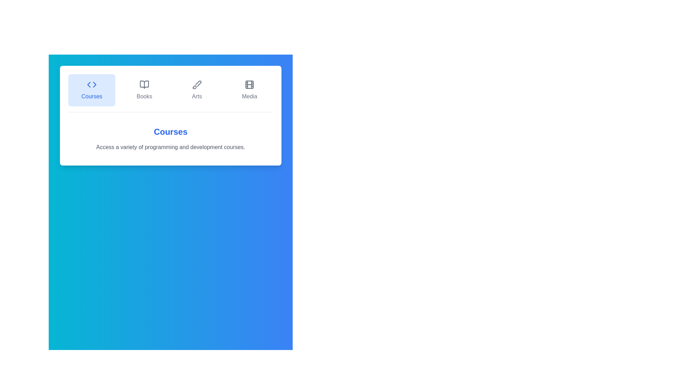 This screenshot has height=378, width=673. I want to click on the Arts tab by clicking on its button, so click(196, 90).